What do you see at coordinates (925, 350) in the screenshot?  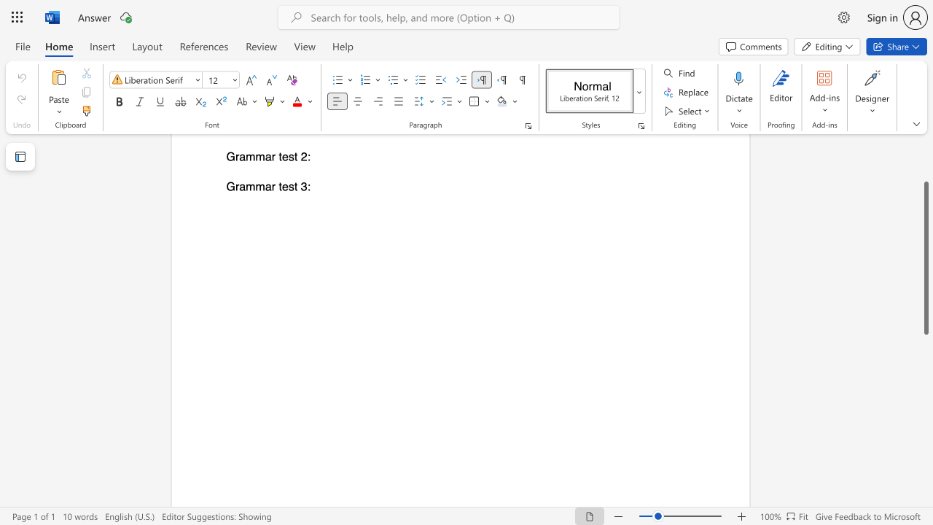 I see `the scrollbar to move the view down` at bounding box center [925, 350].